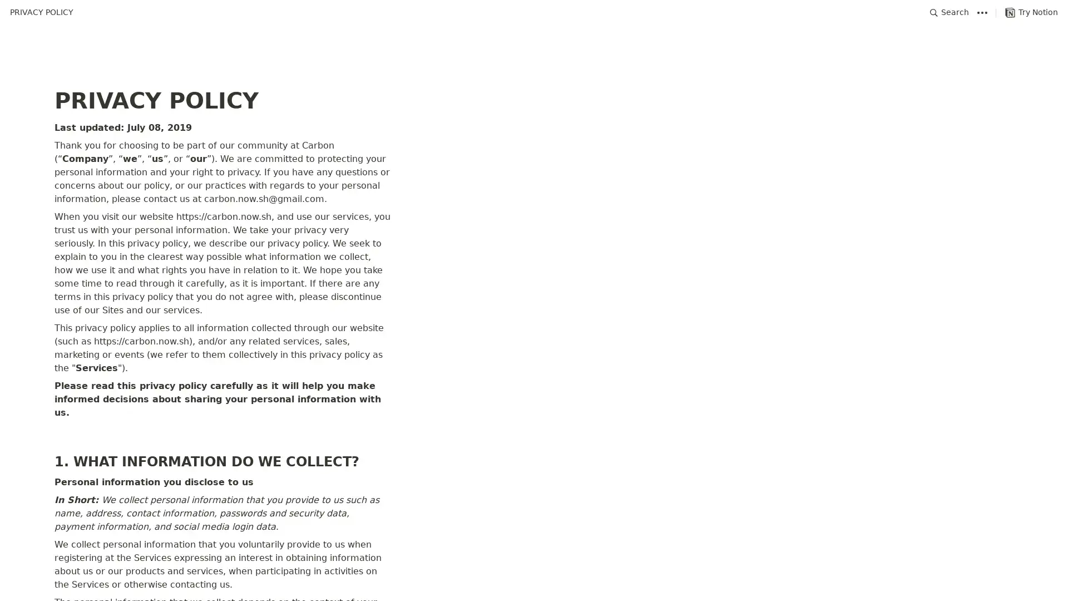 Image resolution: width=1068 pixels, height=601 pixels. What do you see at coordinates (949, 12) in the screenshot?
I see `Search` at bounding box center [949, 12].